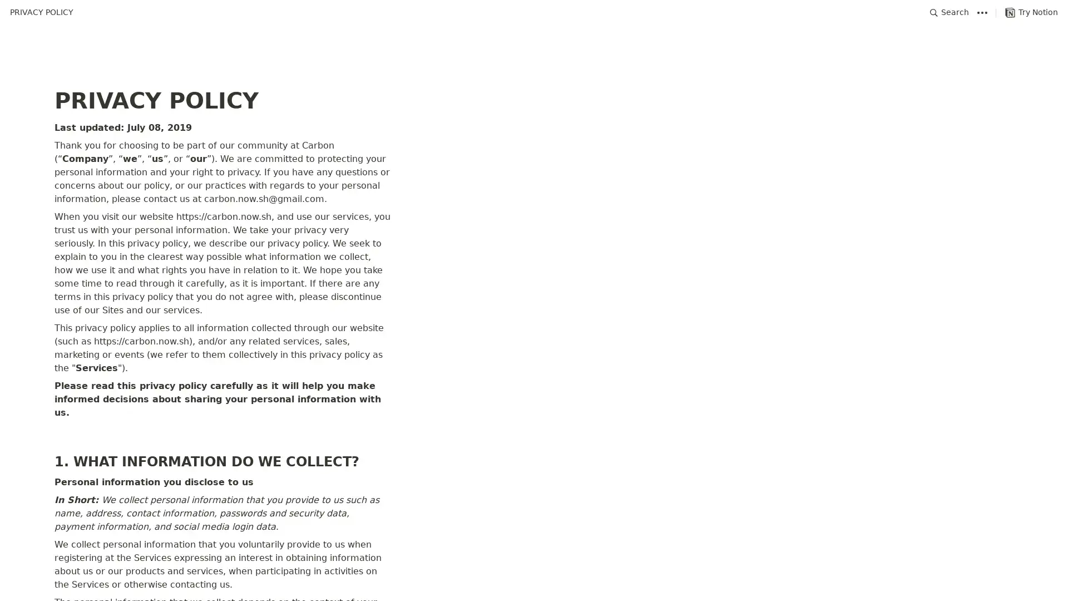 Image resolution: width=1068 pixels, height=601 pixels. What do you see at coordinates (949, 12) in the screenshot?
I see `Search` at bounding box center [949, 12].